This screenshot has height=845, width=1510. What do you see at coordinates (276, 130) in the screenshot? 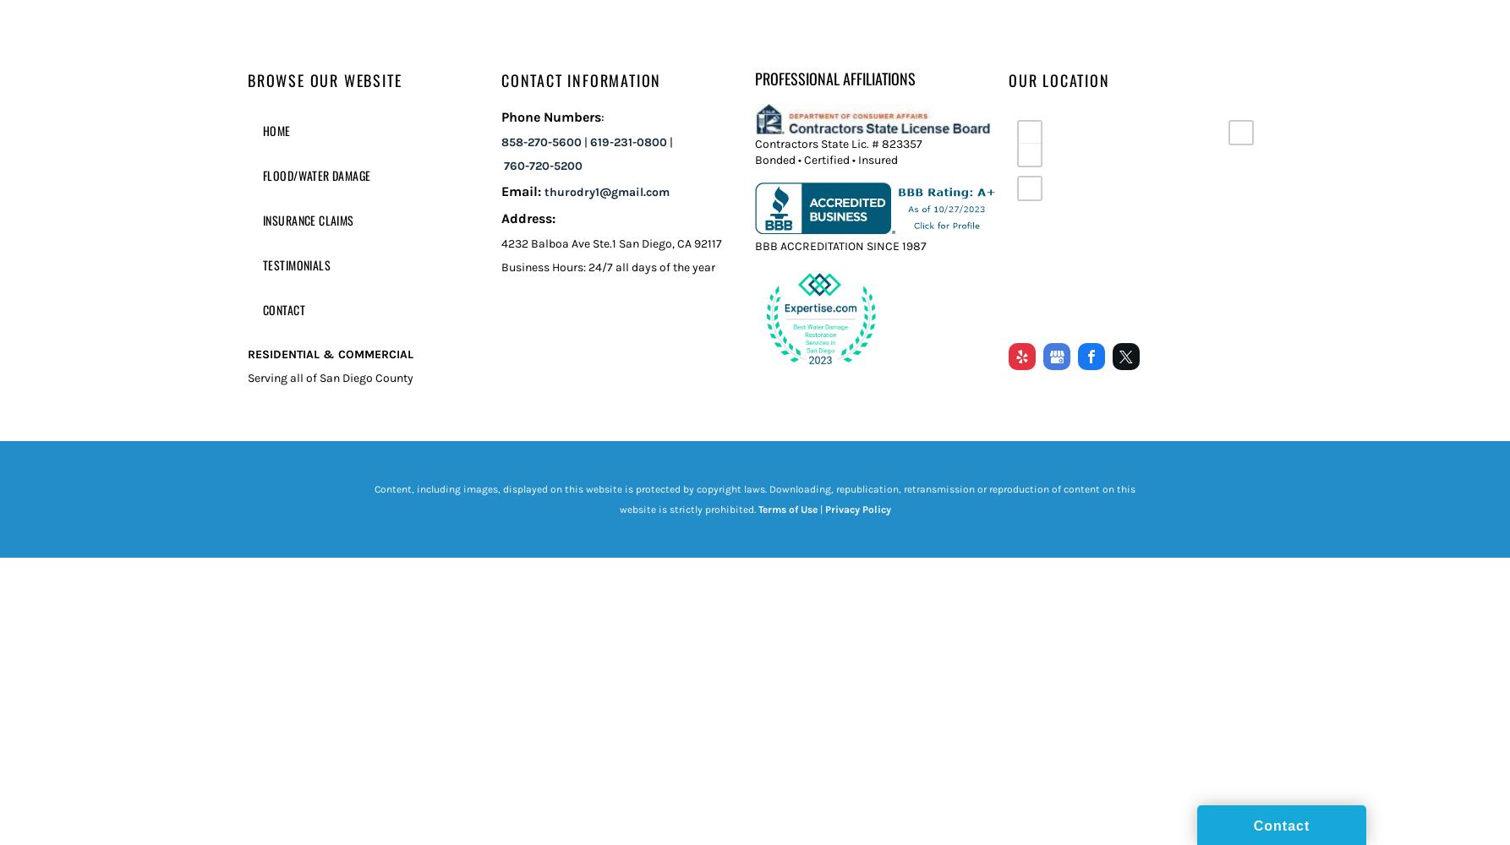
I see `'HOME'` at bounding box center [276, 130].